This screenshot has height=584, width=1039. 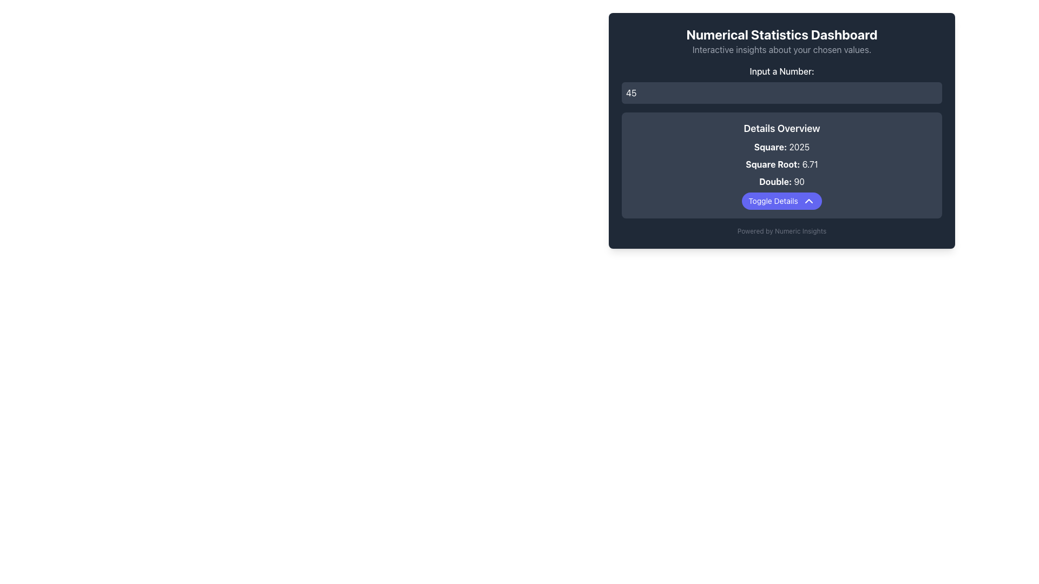 I want to click on the label providing context for the numerical data preceding the value '90' located in the 'Details Overview' section, so click(x=775, y=181).